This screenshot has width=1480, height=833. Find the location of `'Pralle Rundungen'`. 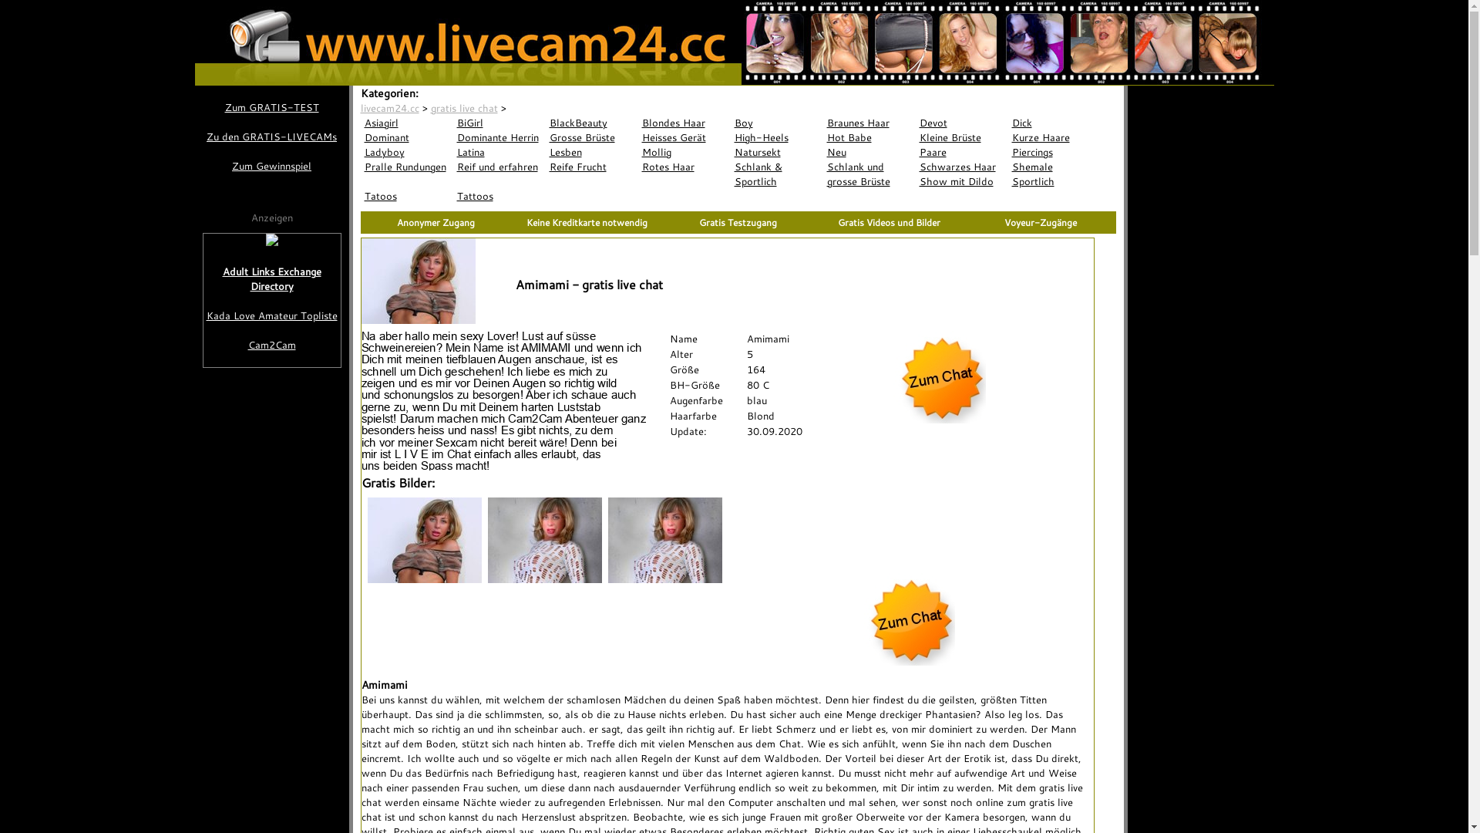

'Pralle Rundungen' is located at coordinates (407, 167).